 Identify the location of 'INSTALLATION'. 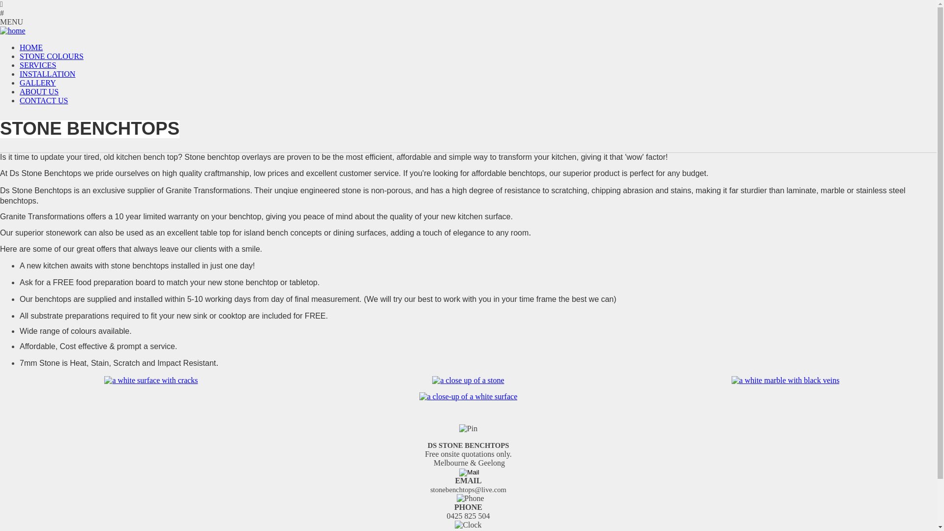
(47, 73).